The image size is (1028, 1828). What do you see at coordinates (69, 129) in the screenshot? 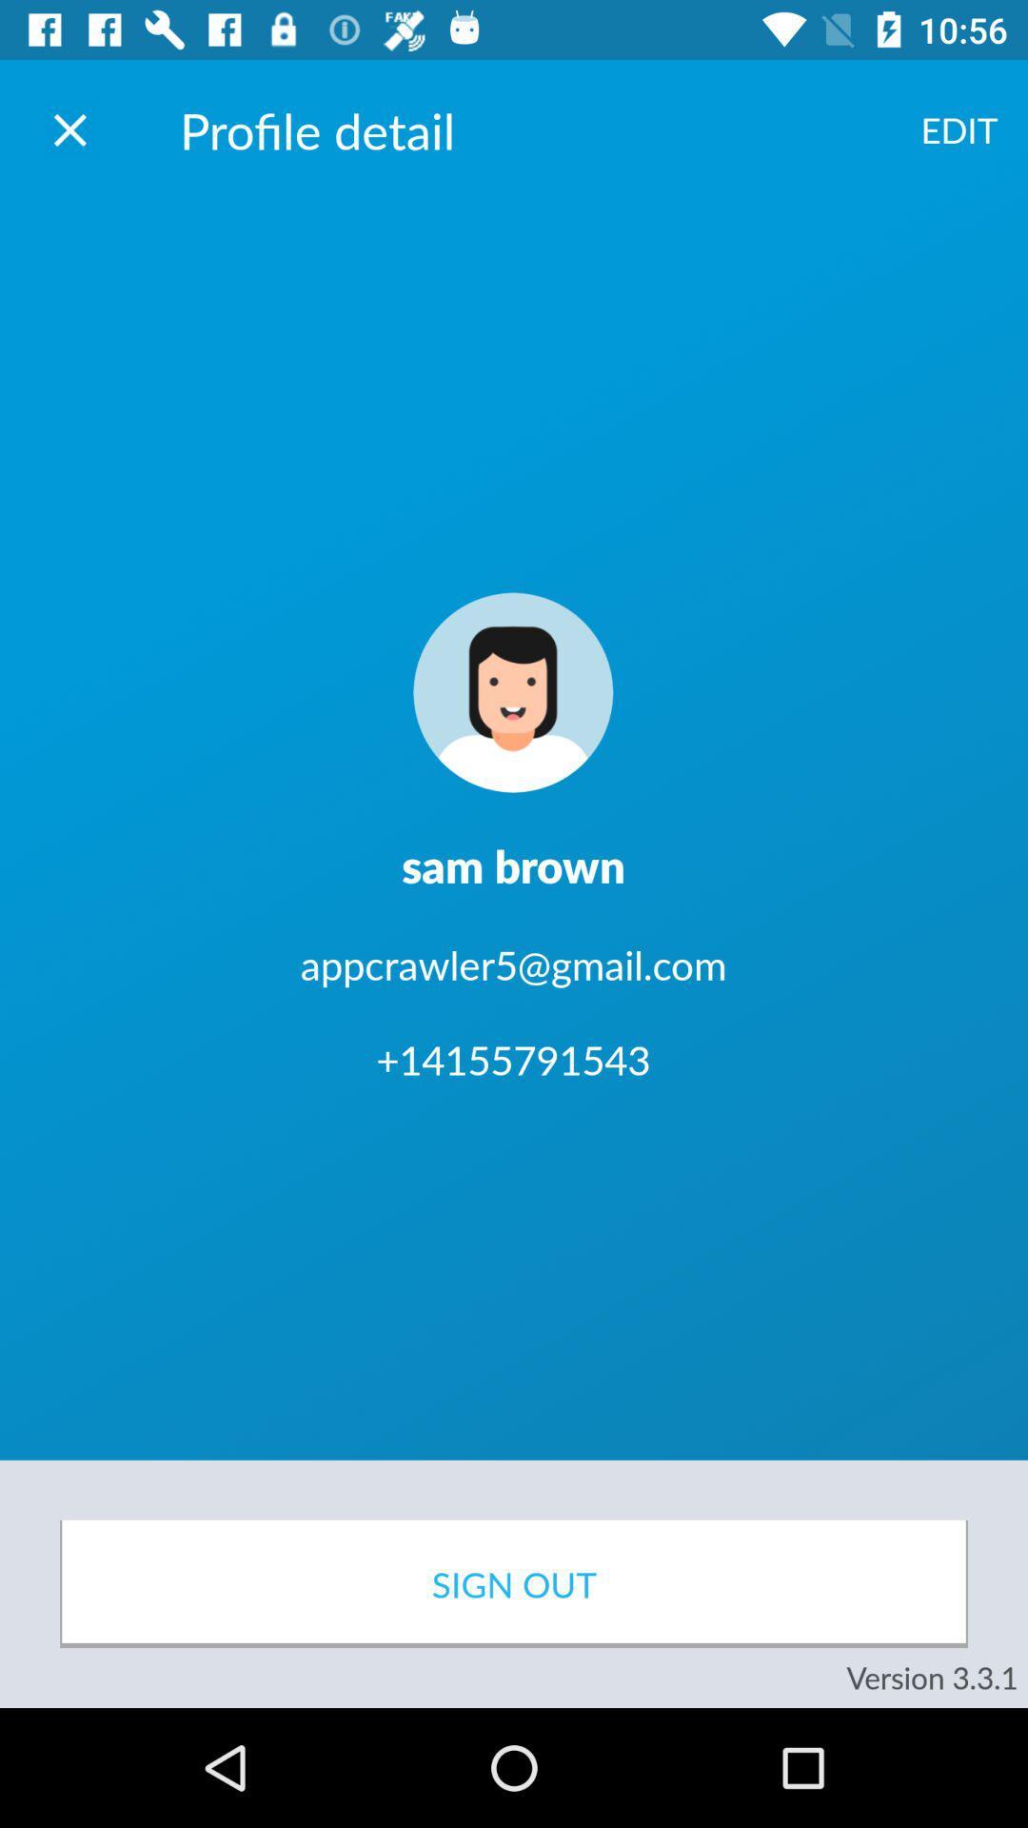
I see `exit menu` at bounding box center [69, 129].